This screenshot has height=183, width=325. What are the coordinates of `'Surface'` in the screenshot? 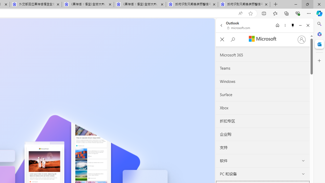 It's located at (263, 95).